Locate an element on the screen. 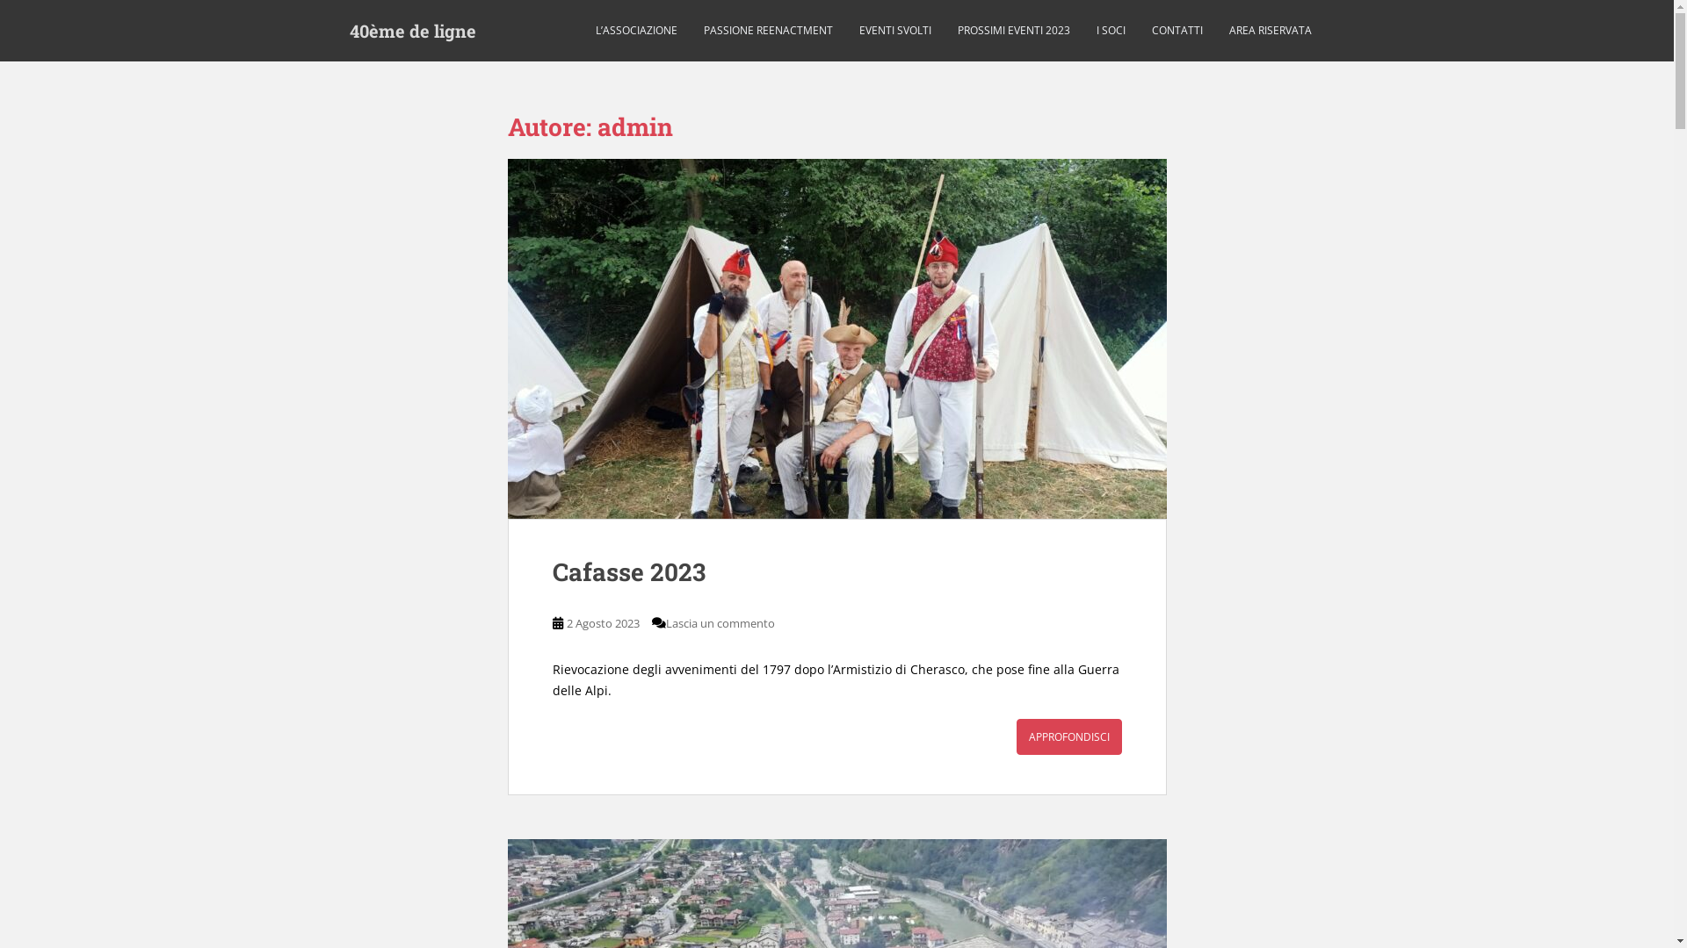 The height and width of the screenshot is (948, 1687). 'I SOCI' is located at coordinates (1096, 30).